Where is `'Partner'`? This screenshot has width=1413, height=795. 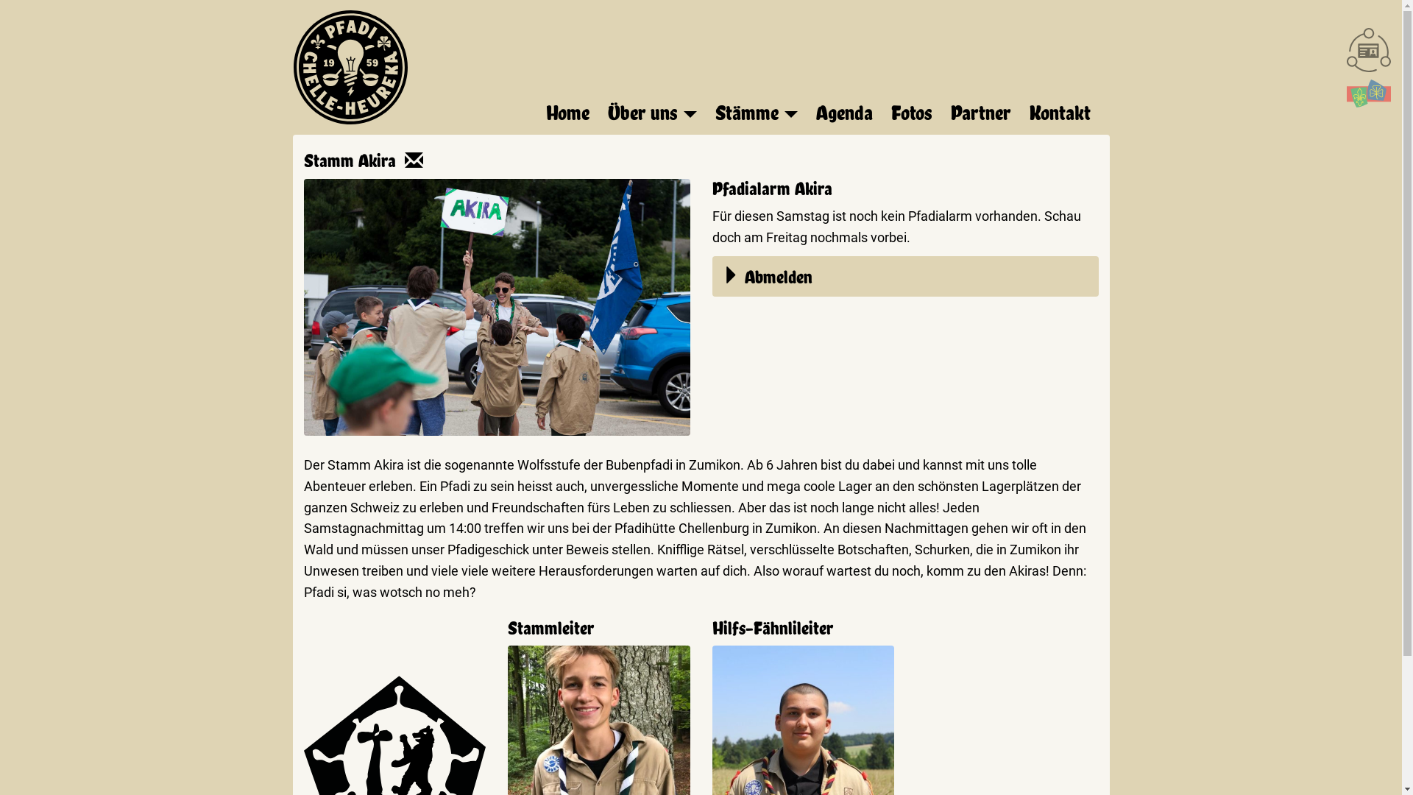 'Partner' is located at coordinates (985, 115).